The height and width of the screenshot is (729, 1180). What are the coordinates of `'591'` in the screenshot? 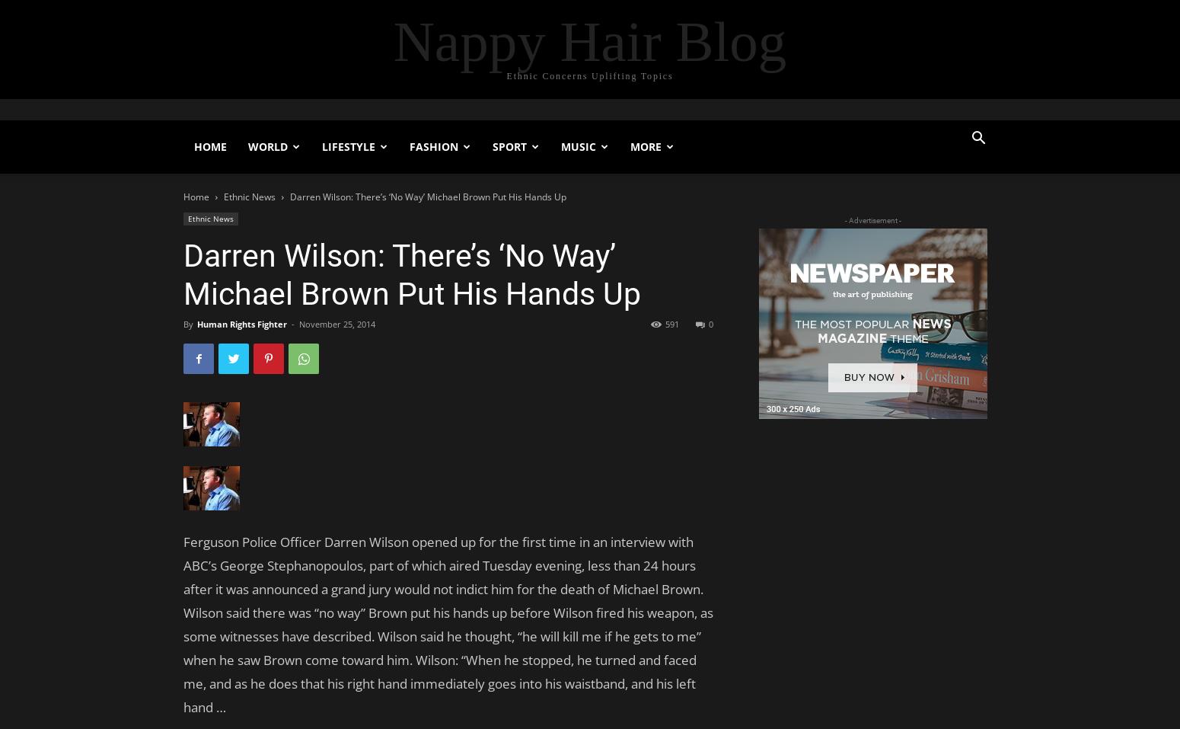 It's located at (672, 323).